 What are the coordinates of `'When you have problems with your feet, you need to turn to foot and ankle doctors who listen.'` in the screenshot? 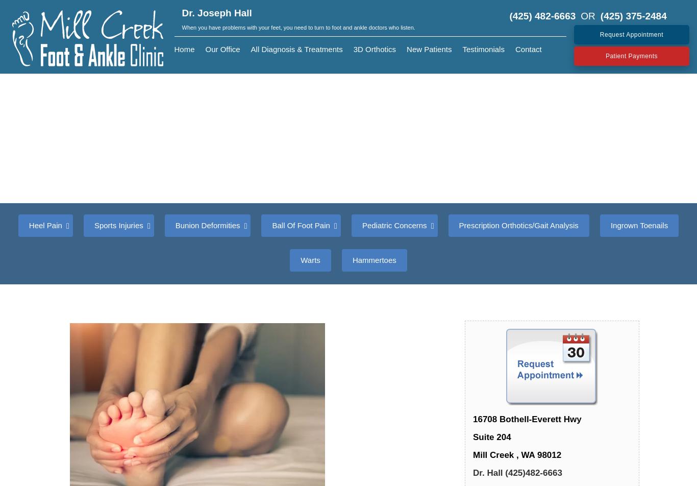 It's located at (297, 27).